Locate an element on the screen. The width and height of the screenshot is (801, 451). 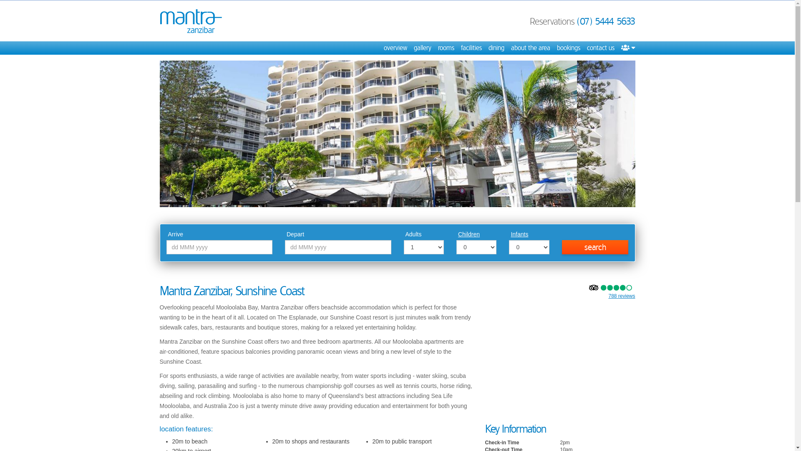
'788 reviews' is located at coordinates (621, 296).